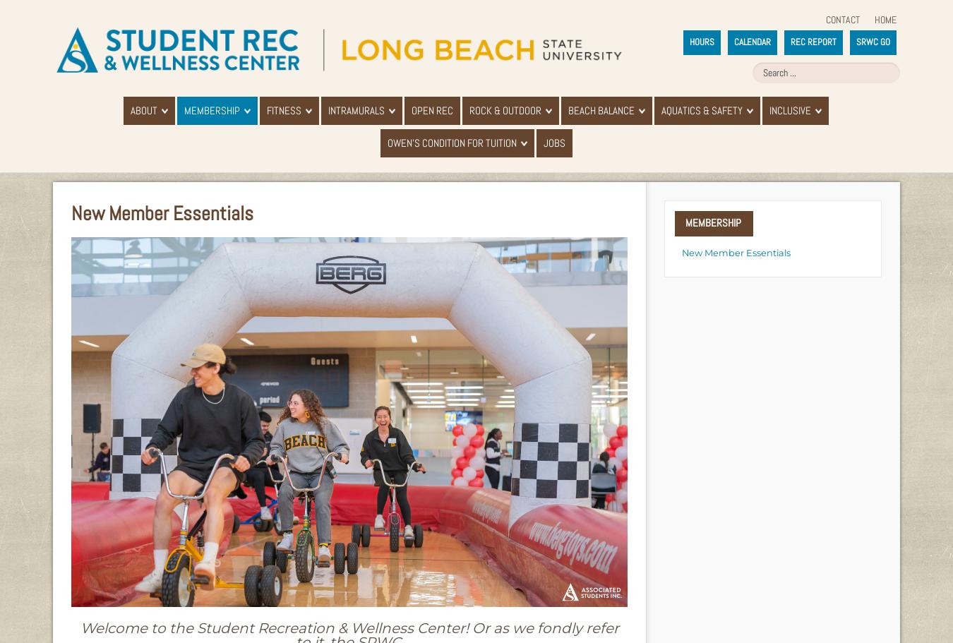 This screenshot has height=643, width=953. Describe the element at coordinates (601, 110) in the screenshot. I see `'Beach Balance'` at that location.